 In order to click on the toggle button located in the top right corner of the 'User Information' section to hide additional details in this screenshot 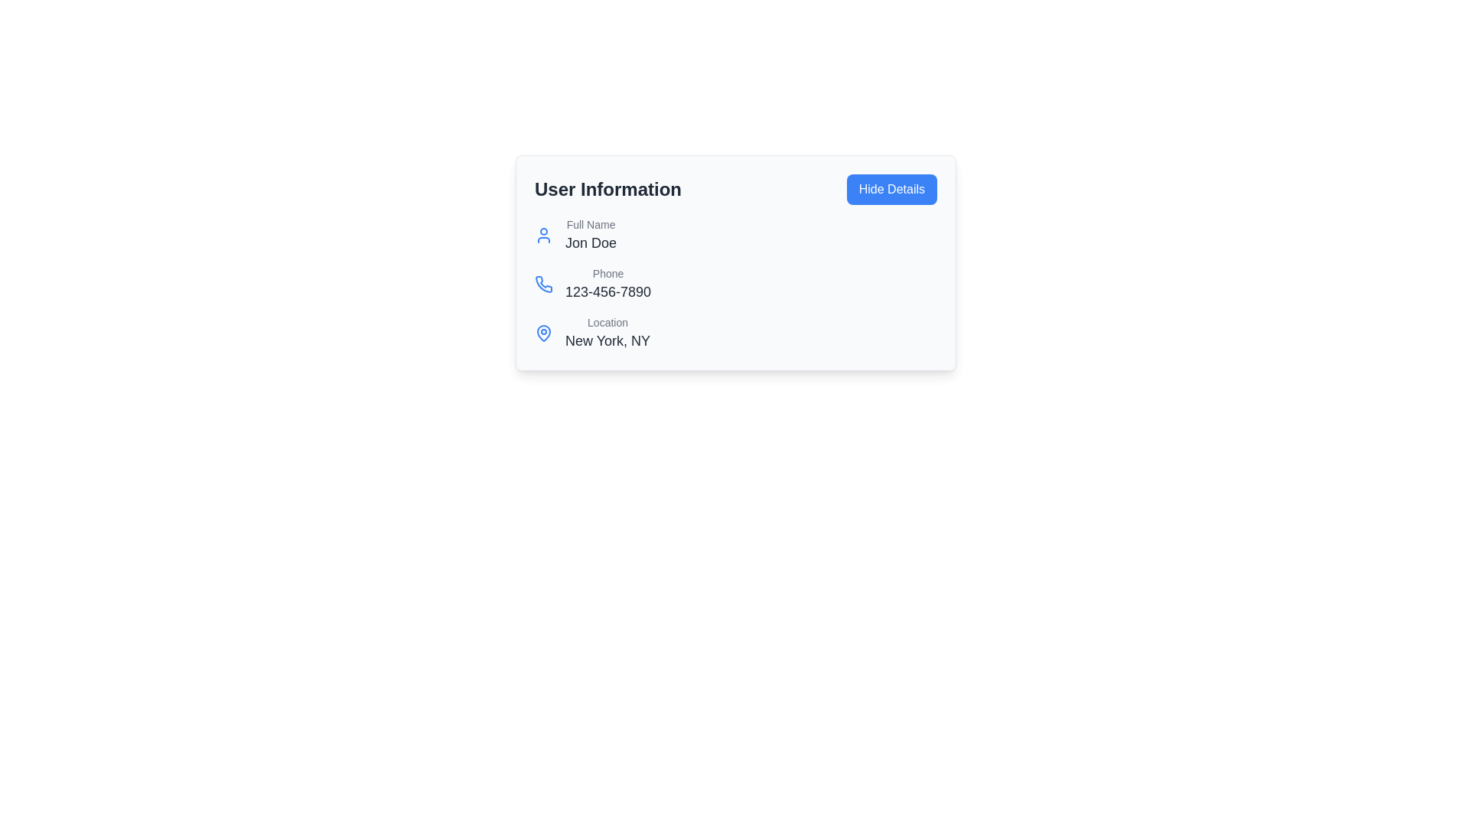, I will do `click(891, 188)`.